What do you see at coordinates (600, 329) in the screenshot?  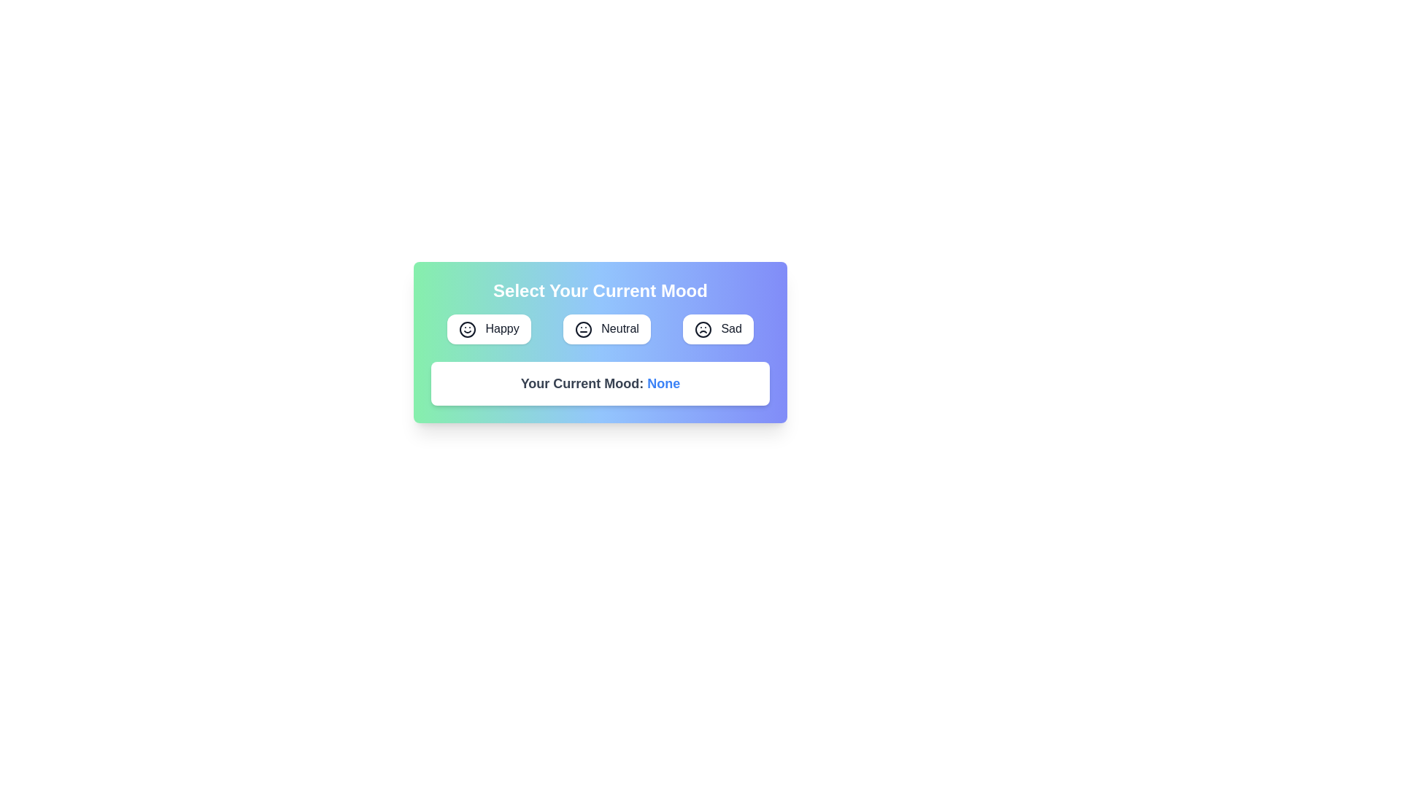 I see `the grouped segmented control buttons for mood selection, which allows users to choose between 'Happy', 'Neutral', or 'Sad' options` at bounding box center [600, 329].